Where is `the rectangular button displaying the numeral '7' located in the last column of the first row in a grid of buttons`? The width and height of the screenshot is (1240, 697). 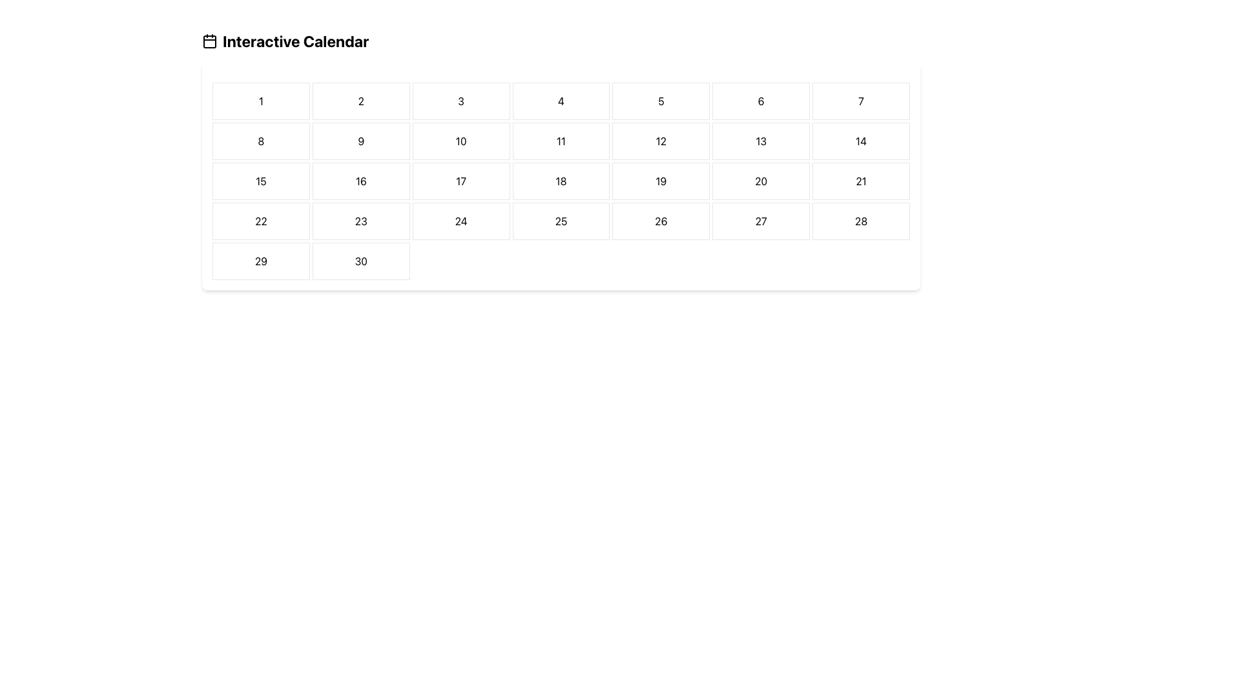 the rectangular button displaying the numeral '7' located in the last column of the first row in a grid of buttons is located at coordinates (861, 101).